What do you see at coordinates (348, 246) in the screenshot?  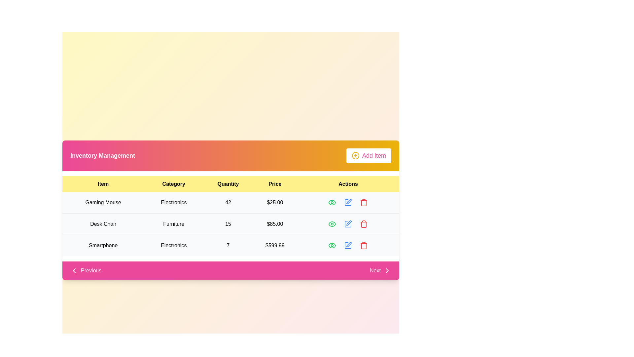 I see `the 'Edit' button in the 'Actions' column for the third item ('Smartphone') in the data table` at bounding box center [348, 246].